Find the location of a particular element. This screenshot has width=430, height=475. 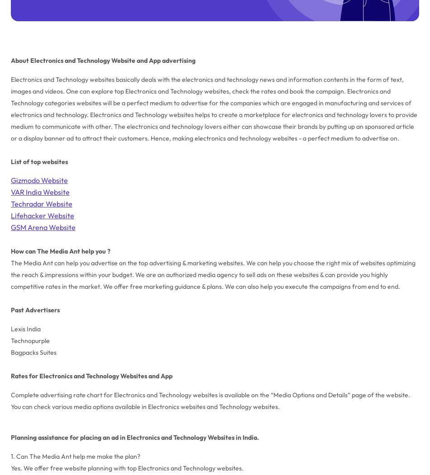

'GSM Arena Website' is located at coordinates (10, 226).